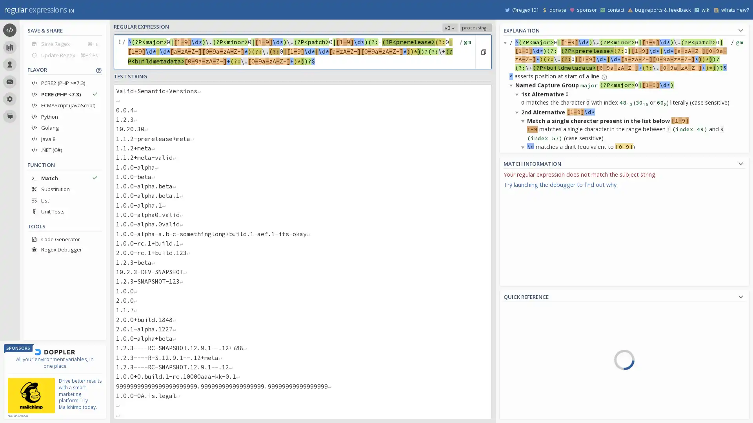 Image resolution: width=753 pixels, height=423 pixels. What do you see at coordinates (624, 29) in the screenshot?
I see `EXPLANATION` at bounding box center [624, 29].